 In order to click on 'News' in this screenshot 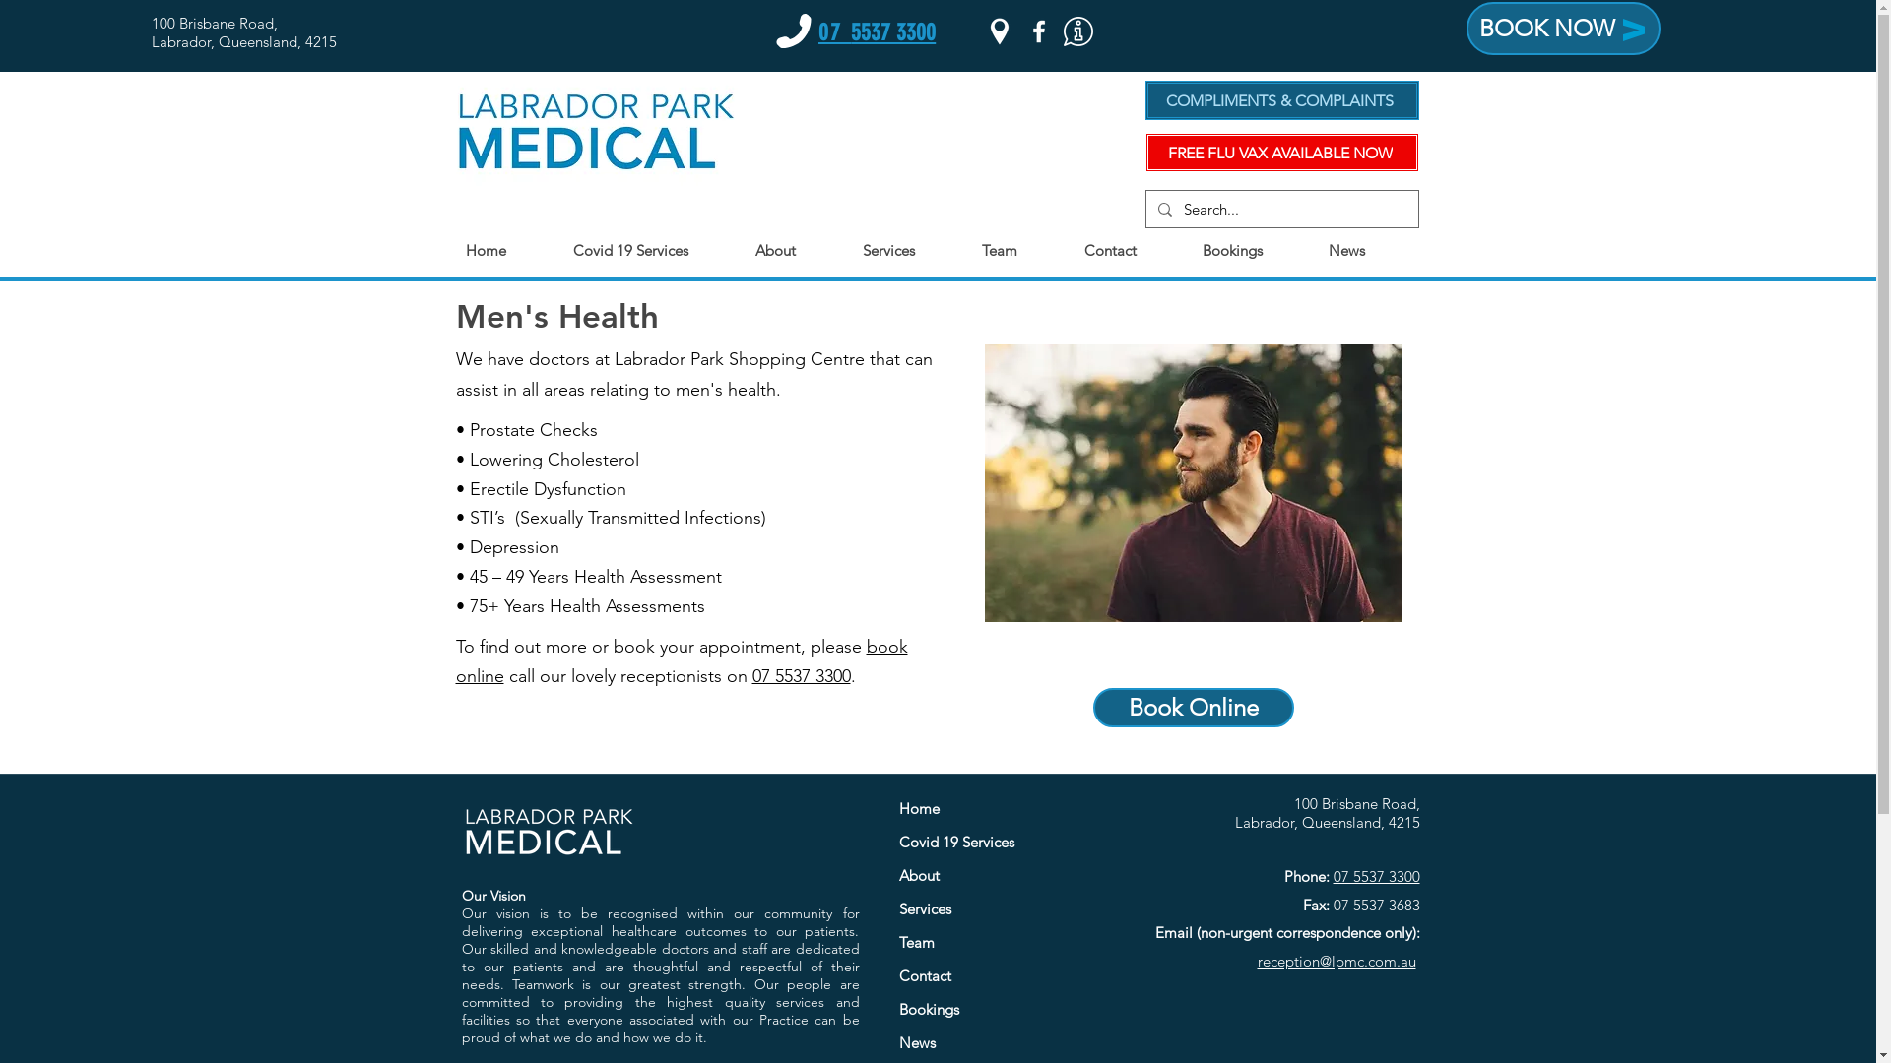, I will do `click(995, 1042)`.